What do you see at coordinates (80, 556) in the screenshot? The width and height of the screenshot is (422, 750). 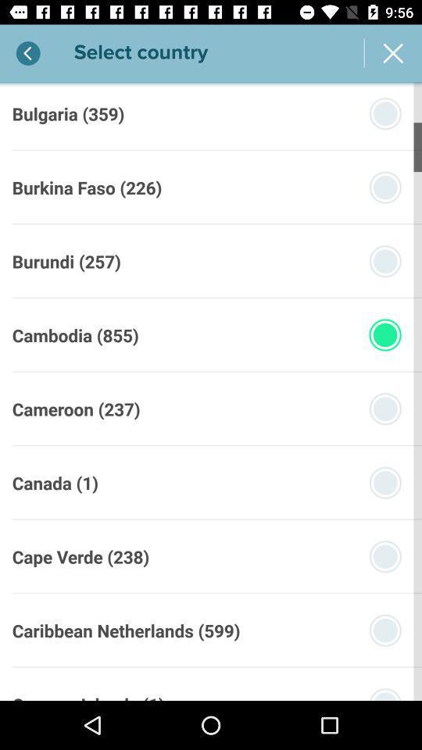 I see `the cape verde (238) item` at bounding box center [80, 556].